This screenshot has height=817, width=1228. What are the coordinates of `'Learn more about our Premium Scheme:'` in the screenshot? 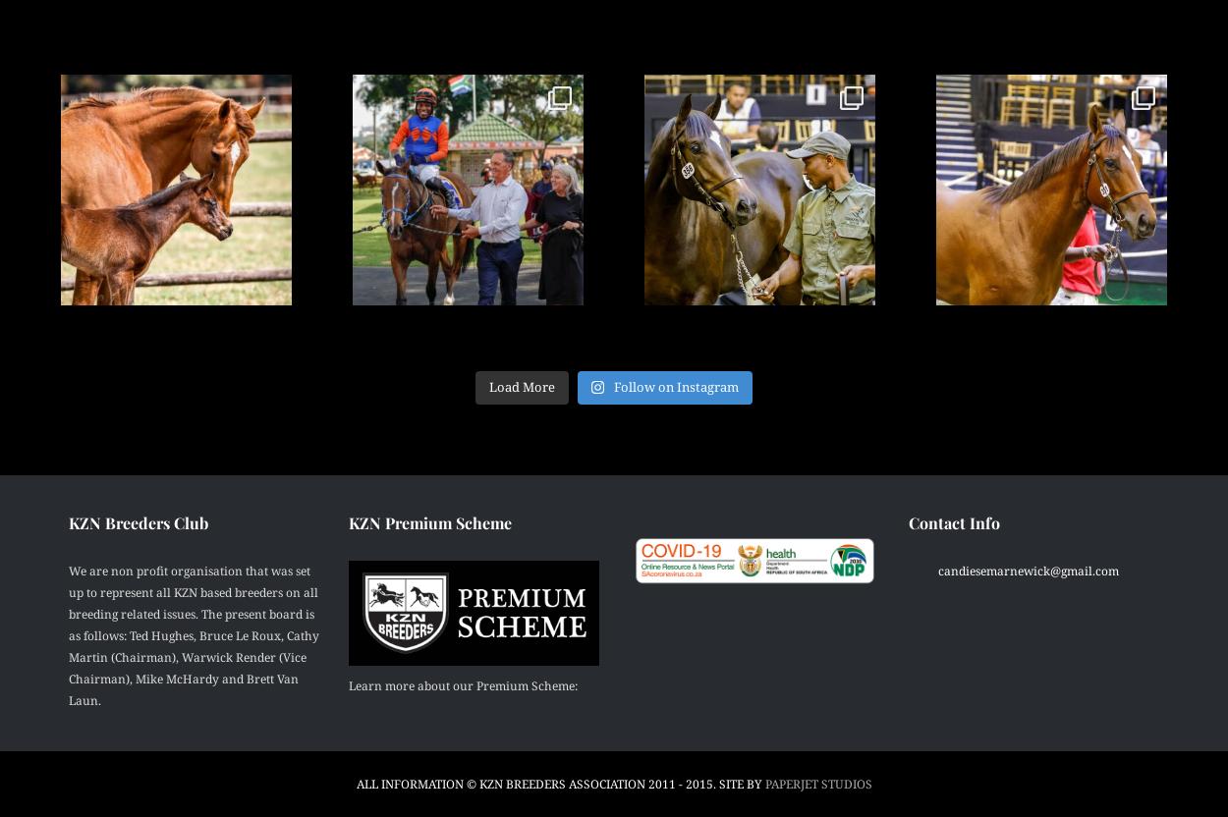 It's located at (462, 684).